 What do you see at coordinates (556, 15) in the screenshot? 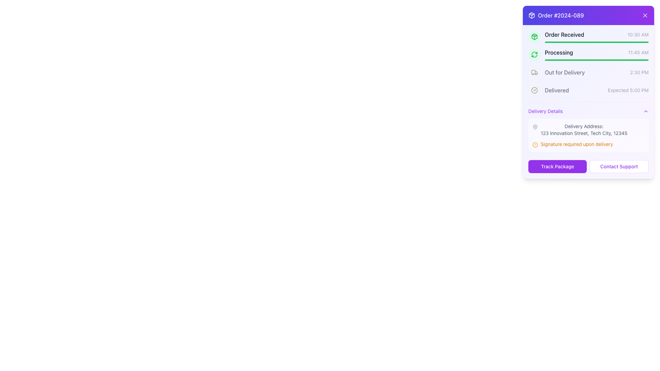
I see `label or header element positioned at the top right of the panel for additional features` at bounding box center [556, 15].